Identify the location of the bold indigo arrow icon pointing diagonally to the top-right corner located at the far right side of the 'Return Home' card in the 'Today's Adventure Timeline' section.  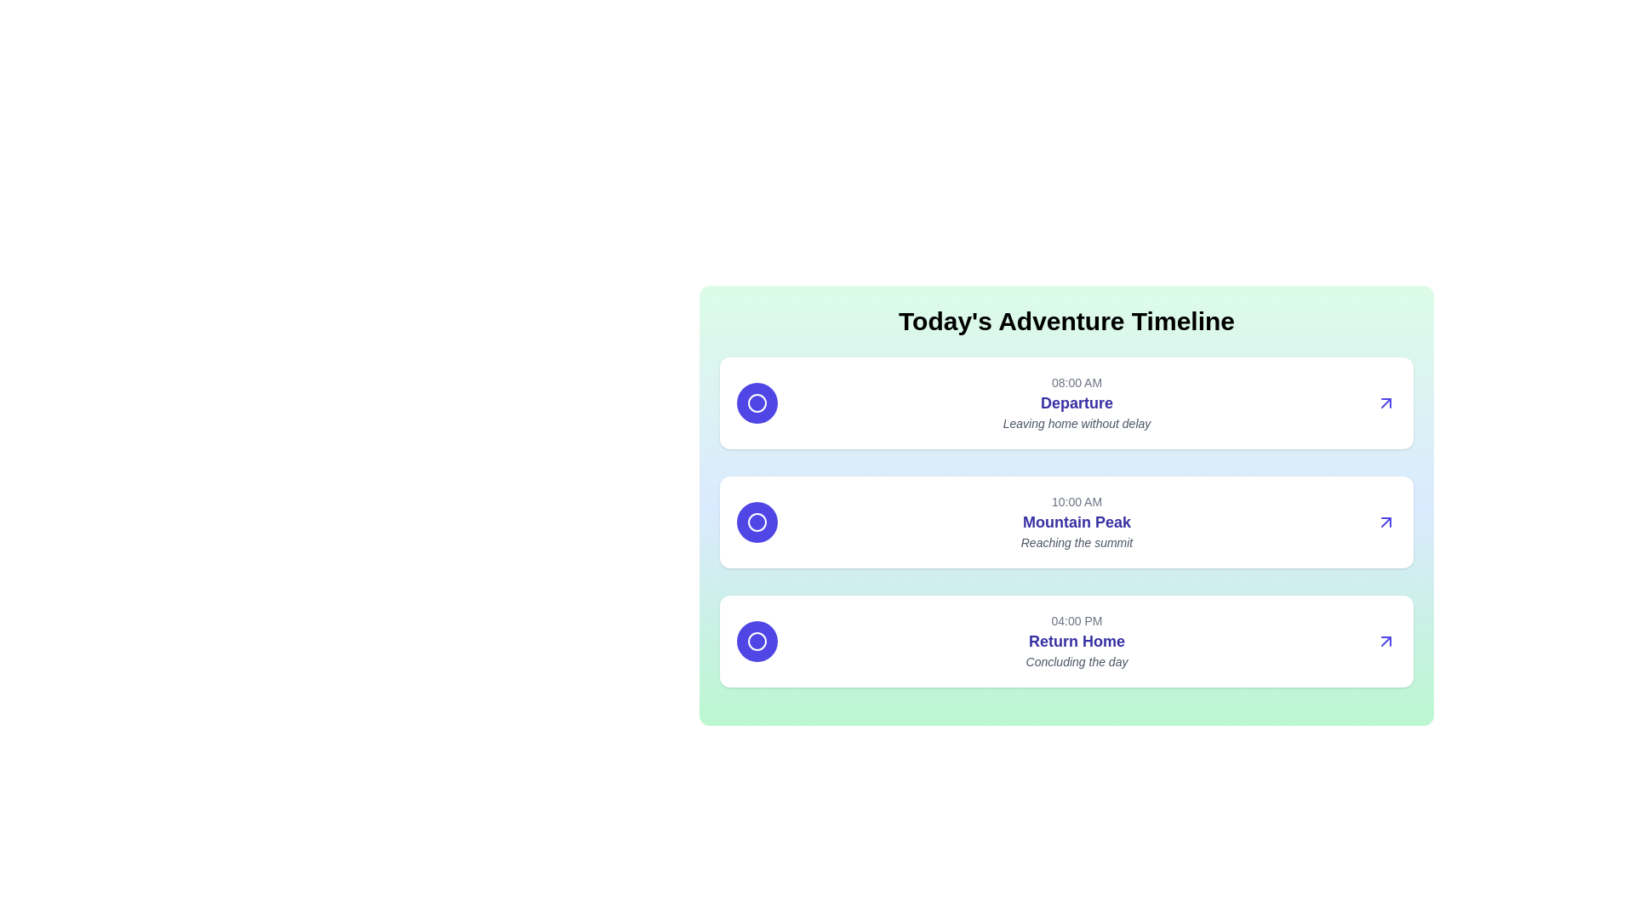
(1385, 641).